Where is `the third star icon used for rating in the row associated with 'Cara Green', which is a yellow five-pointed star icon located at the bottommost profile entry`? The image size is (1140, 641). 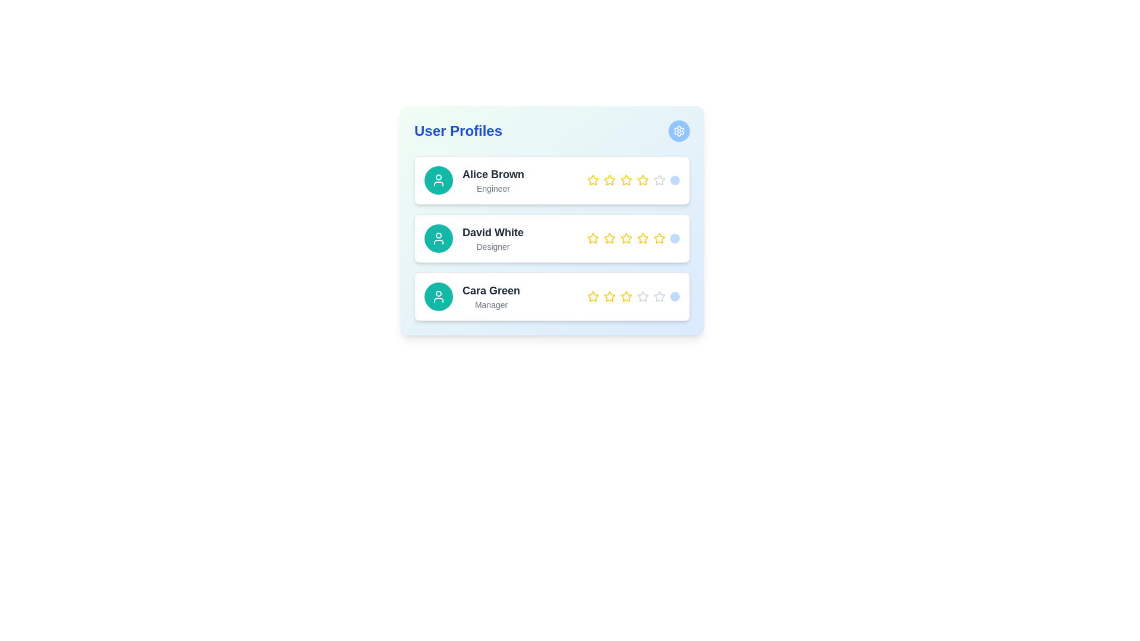 the third star icon used for rating in the row associated with 'Cara Green', which is a yellow five-pointed star icon located at the bottommost profile entry is located at coordinates (626, 296).